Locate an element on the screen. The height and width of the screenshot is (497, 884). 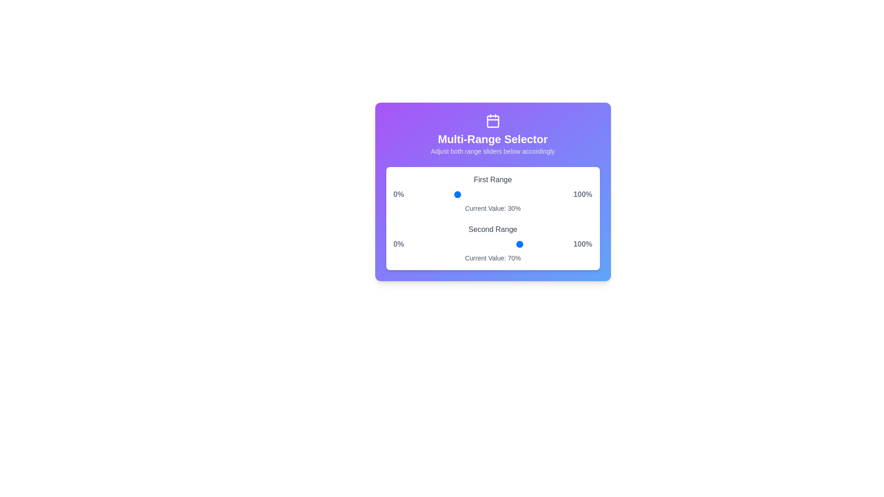
the Header element featuring a purple-to-blue gradient background, a centered calendar icon, and the text 'Multi-Range Selector' with a description below it is located at coordinates (492, 135).